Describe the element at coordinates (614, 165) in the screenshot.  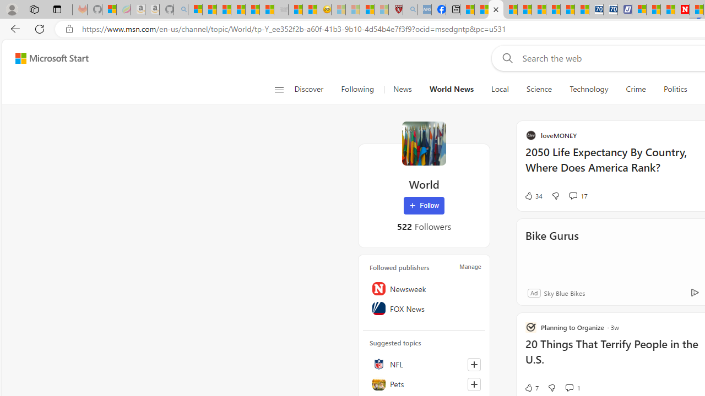
I see `'2050 Life Expectancy By Country, Where Does America Rank?'` at that location.